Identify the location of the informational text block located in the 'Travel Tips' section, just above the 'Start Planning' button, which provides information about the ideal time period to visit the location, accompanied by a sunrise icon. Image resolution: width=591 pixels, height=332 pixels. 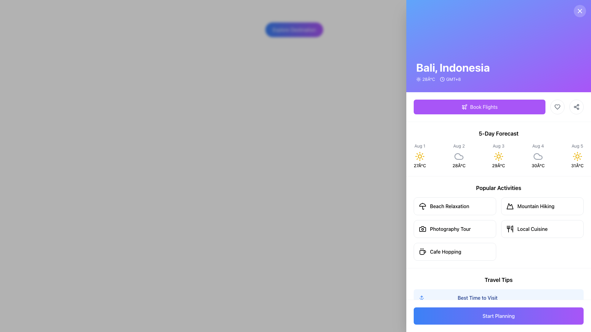
(477, 301).